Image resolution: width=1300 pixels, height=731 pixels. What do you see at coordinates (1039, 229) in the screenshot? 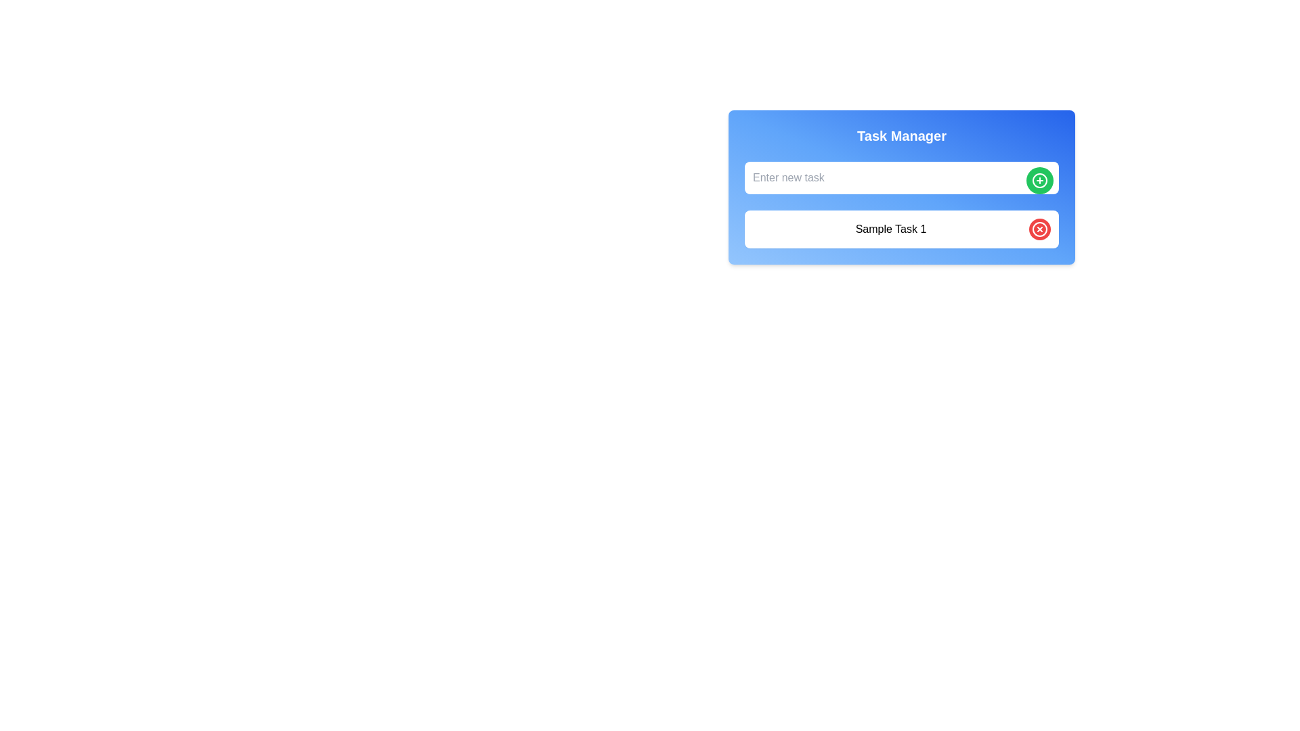
I see `the circular delete button with a red border and white interior, featuring a crossed 'X' design, located at the right end of the task entry row labeled 'Sample Task 1'` at bounding box center [1039, 229].